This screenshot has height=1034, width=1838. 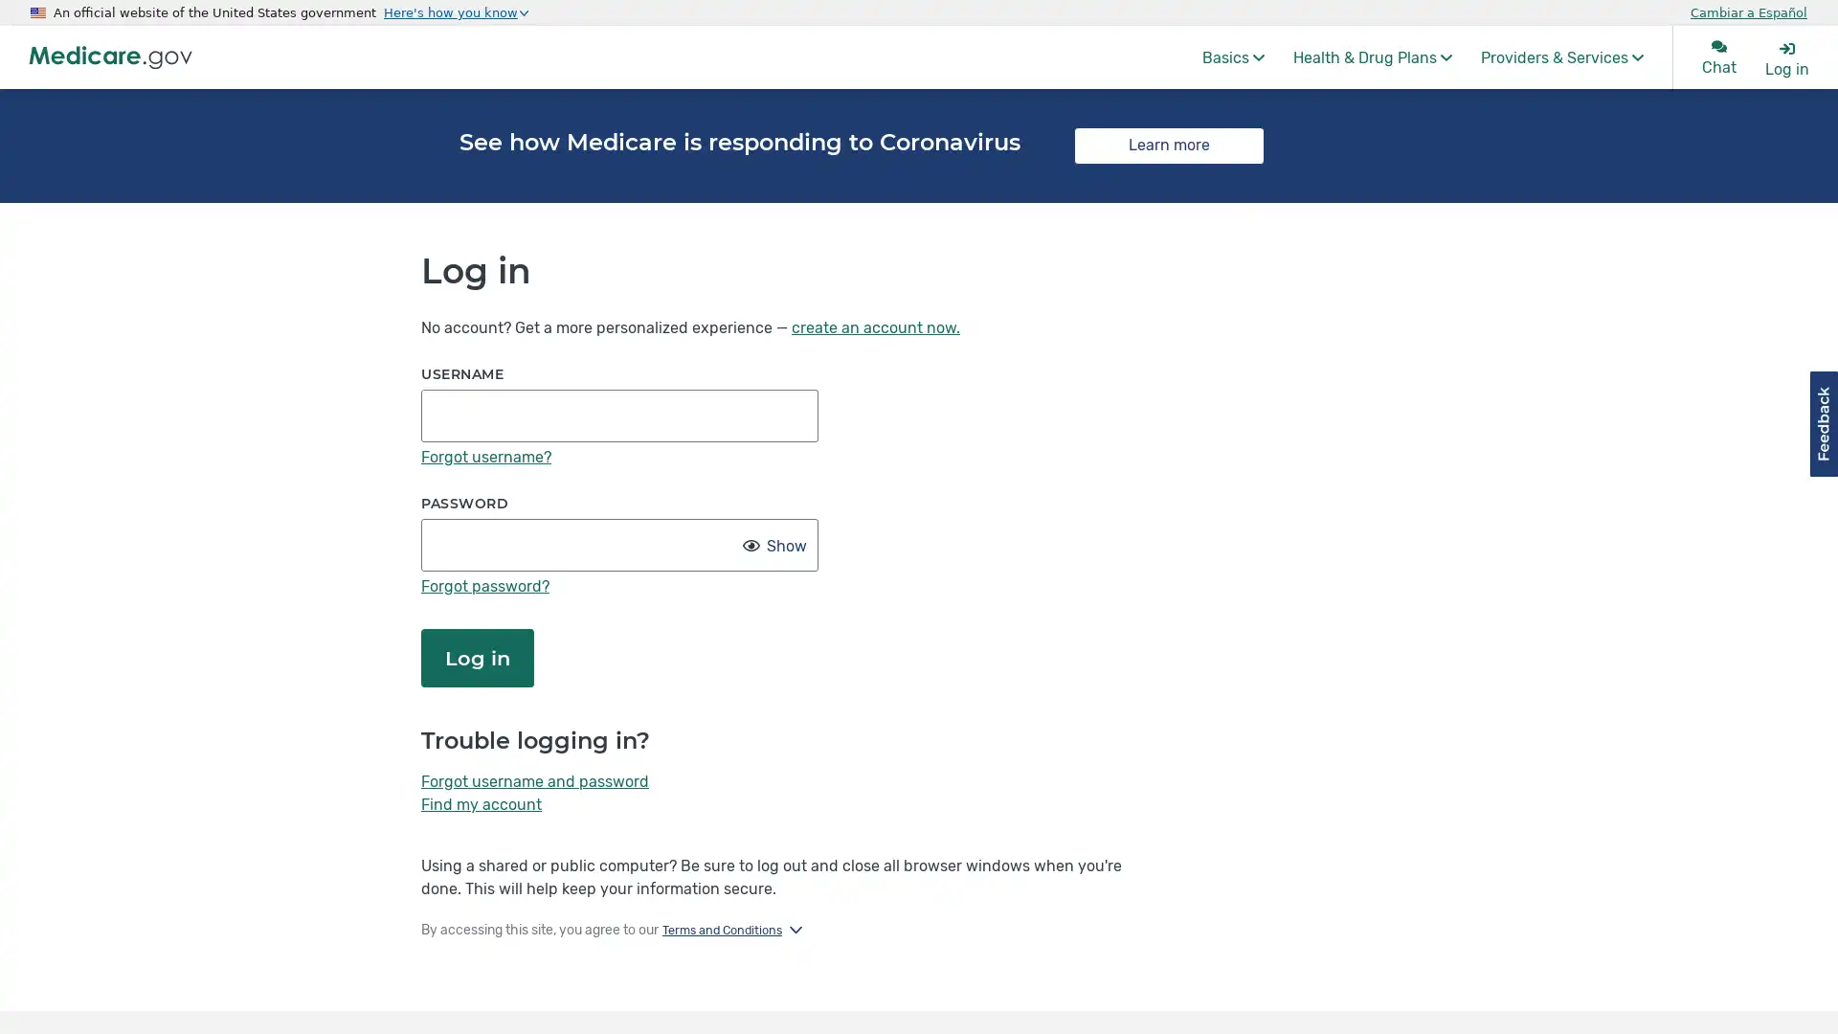 What do you see at coordinates (1718, 56) in the screenshot?
I see `Chat` at bounding box center [1718, 56].